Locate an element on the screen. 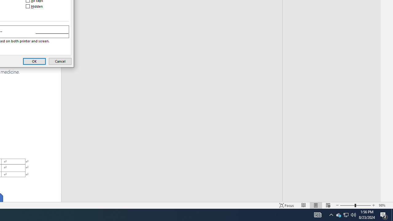 Image resolution: width=393 pixels, height=221 pixels. 'Hidden' is located at coordinates (34, 6).